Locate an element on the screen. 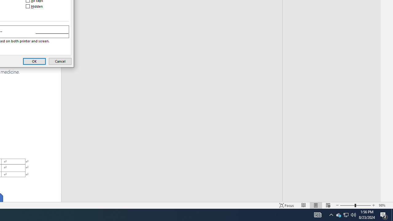 Image resolution: width=393 pixels, height=221 pixels. 'Hidden' is located at coordinates (34, 6).